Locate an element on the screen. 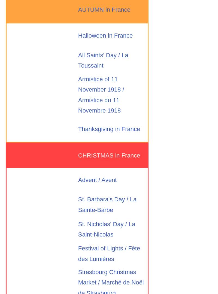 This screenshot has width=218, height=294. 'Armistice of 11 November 1918 / Armistice du 11 Novembre 1918' is located at coordinates (101, 95).